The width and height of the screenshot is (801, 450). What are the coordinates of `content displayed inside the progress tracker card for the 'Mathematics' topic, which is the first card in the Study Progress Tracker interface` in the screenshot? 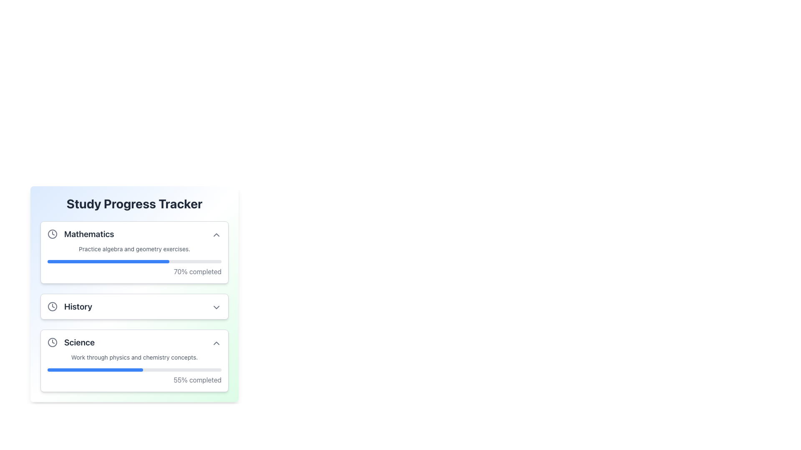 It's located at (134, 252).